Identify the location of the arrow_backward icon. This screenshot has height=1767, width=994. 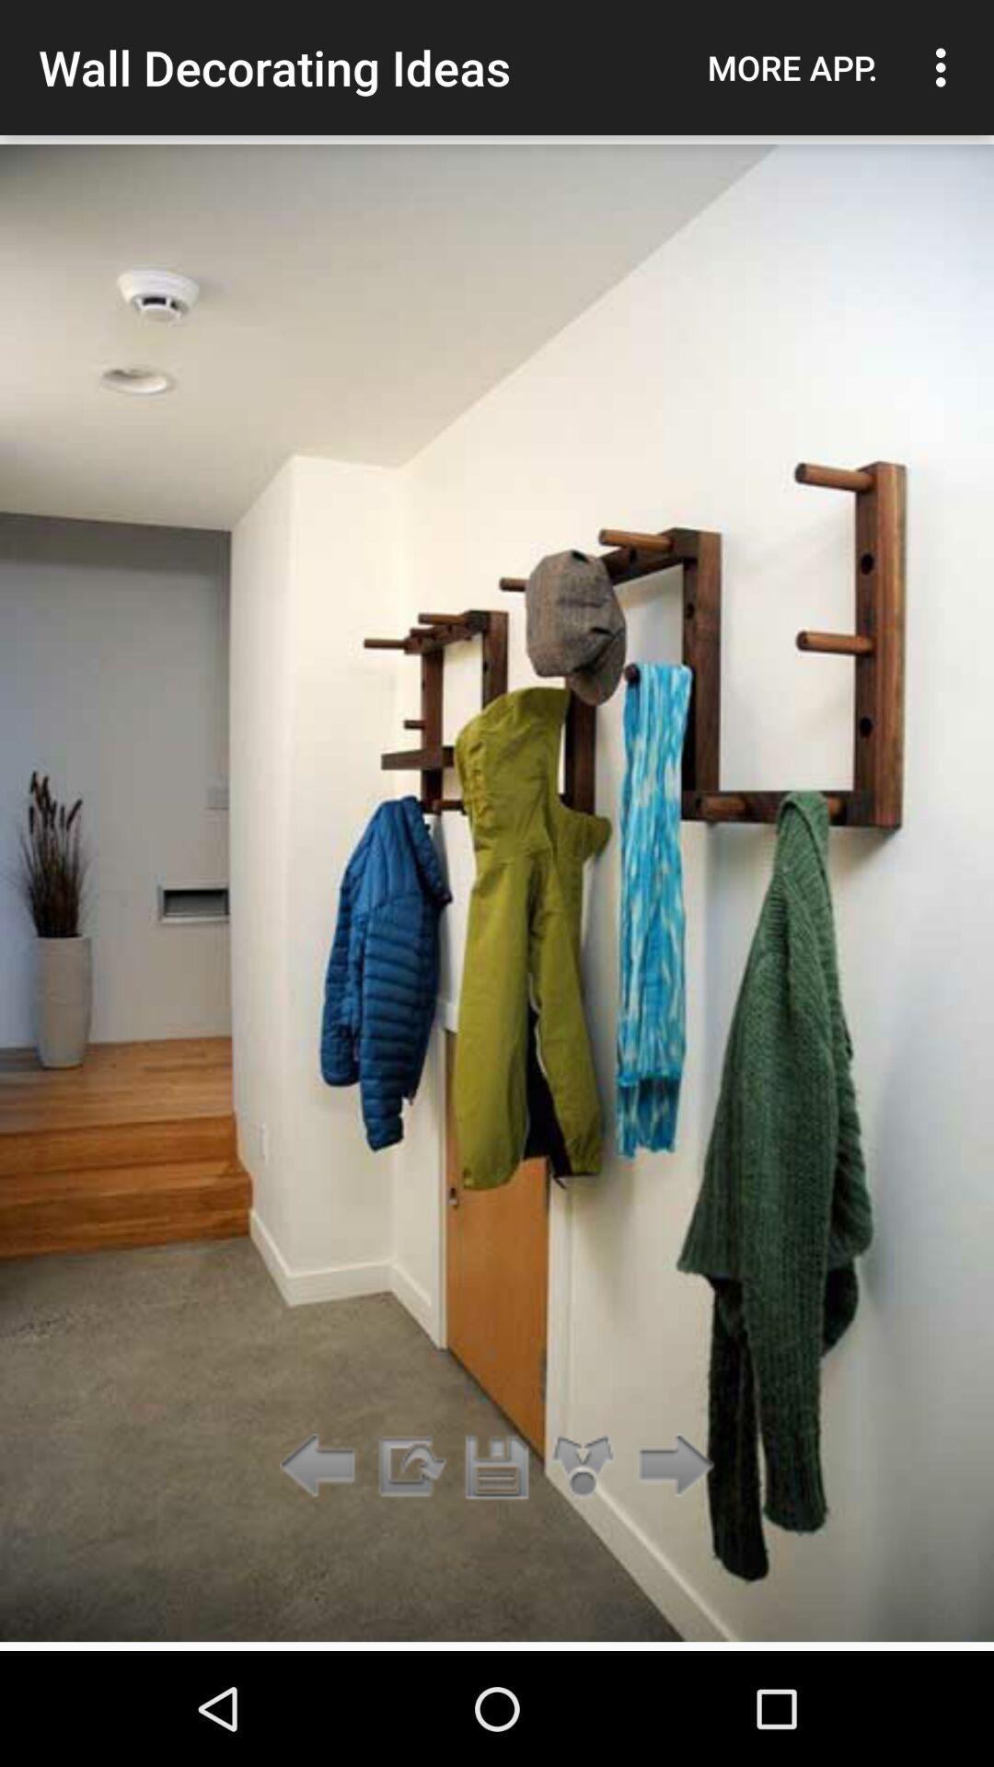
(322, 1466).